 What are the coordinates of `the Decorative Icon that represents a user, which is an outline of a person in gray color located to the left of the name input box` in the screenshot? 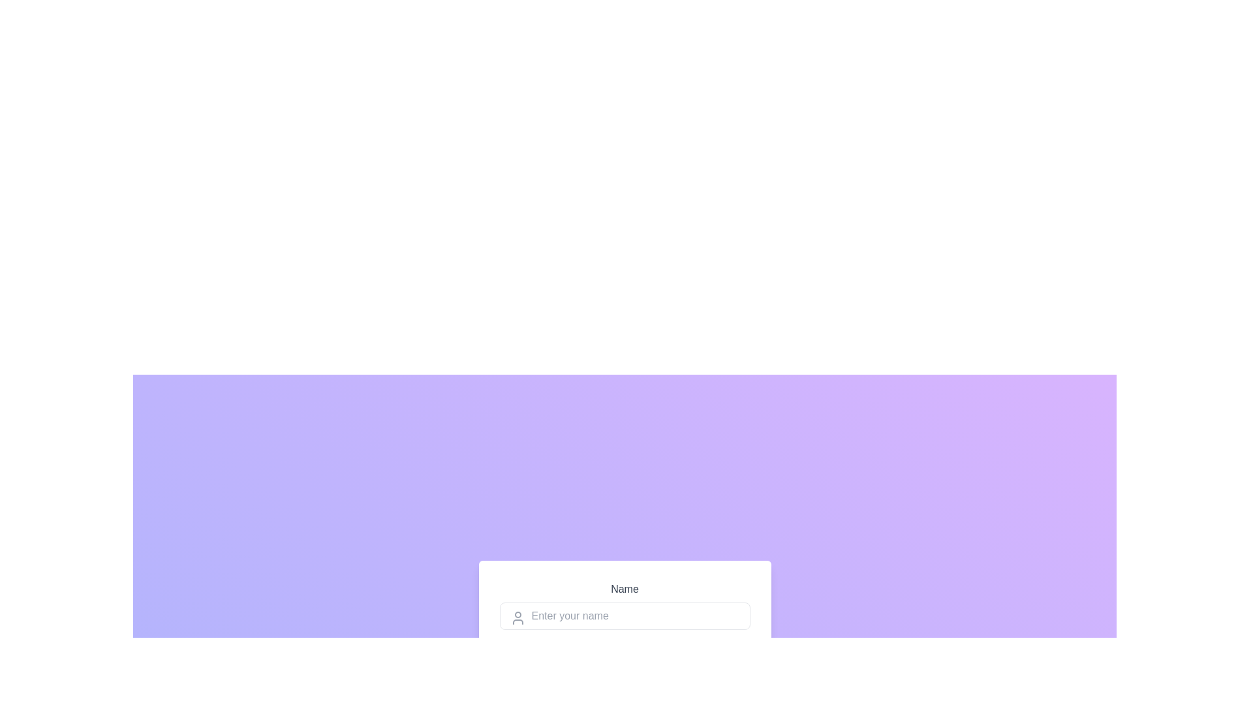 It's located at (517, 618).